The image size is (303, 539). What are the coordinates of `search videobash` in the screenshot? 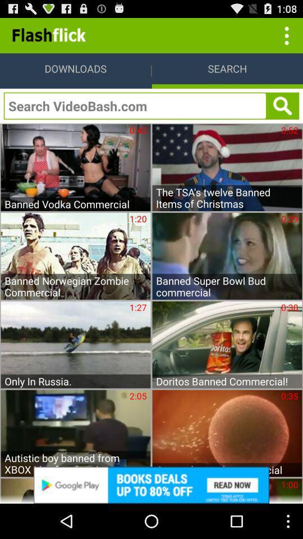 It's located at (135, 106).